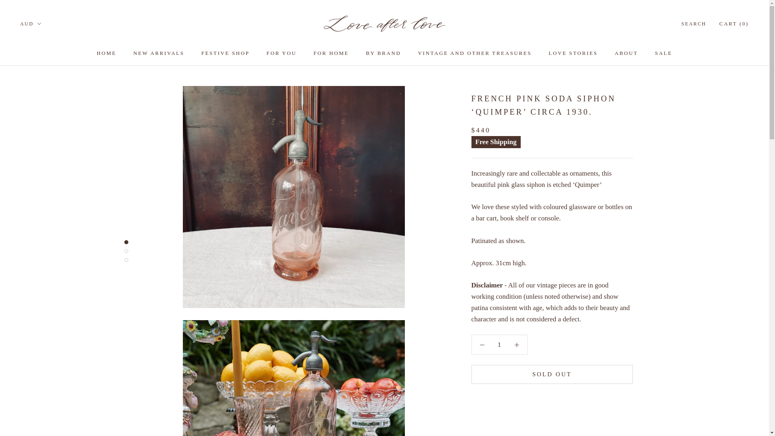 This screenshot has width=775, height=436. I want to click on 'CART (0)', so click(734, 23).